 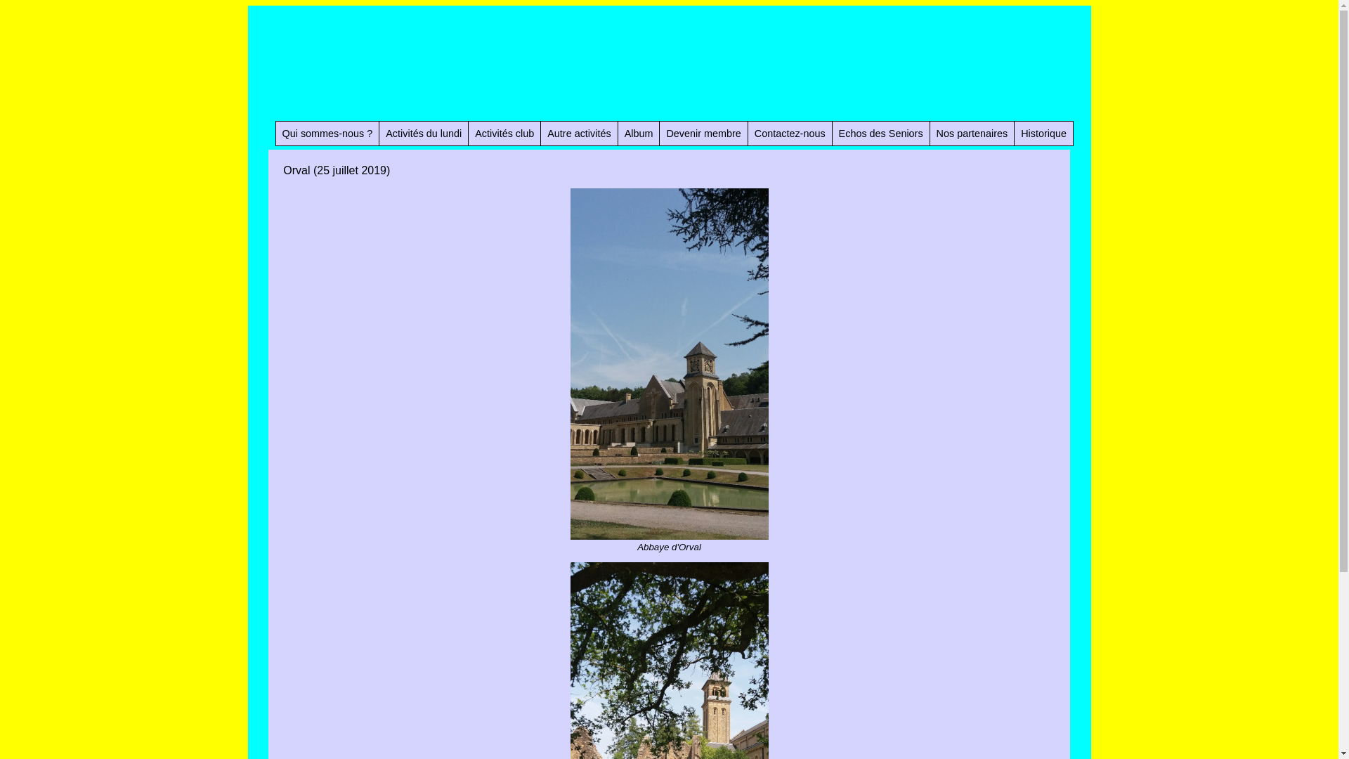 What do you see at coordinates (1015, 133) in the screenshot?
I see `'Historique'` at bounding box center [1015, 133].